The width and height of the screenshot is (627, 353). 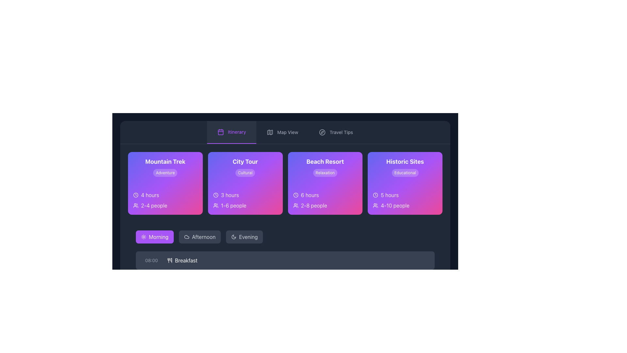 I want to click on the Text label that conveys the duration of the 'Historic Sites' activity, located beneath the title and category label, and right of the clock icon, so click(x=390, y=195).